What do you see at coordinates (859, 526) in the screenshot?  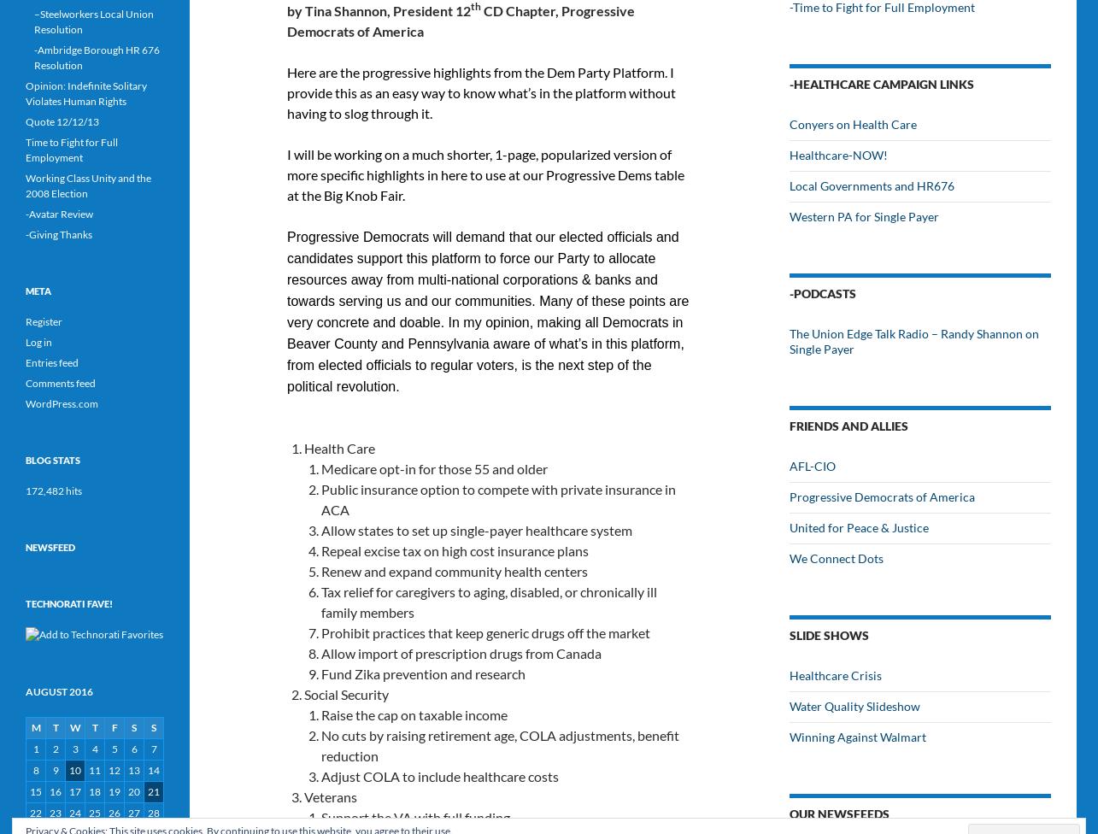 I see `'United for Peace & Justice'` at bounding box center [859, 526].